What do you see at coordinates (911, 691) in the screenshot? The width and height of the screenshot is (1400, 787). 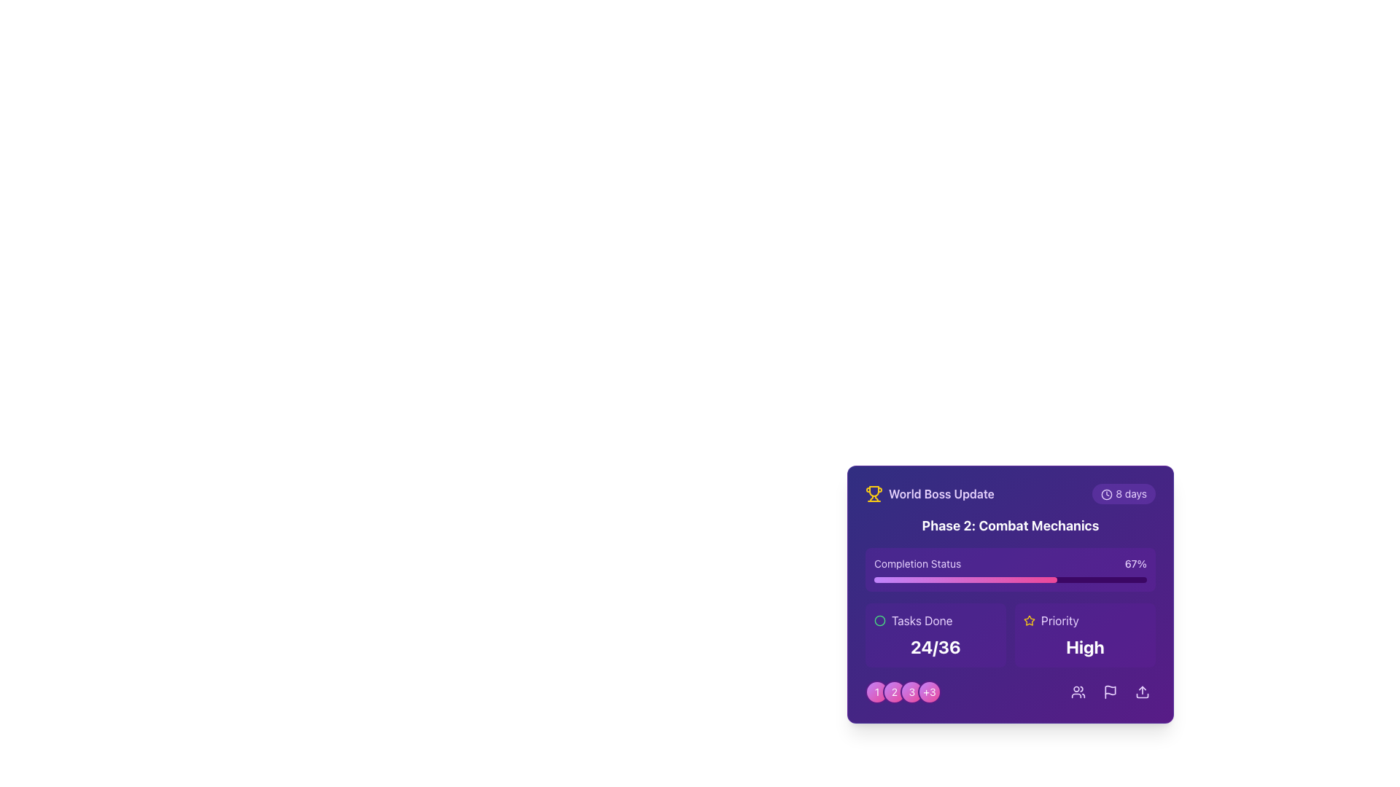 I see `the third badge` at bounding box center [911, 691].